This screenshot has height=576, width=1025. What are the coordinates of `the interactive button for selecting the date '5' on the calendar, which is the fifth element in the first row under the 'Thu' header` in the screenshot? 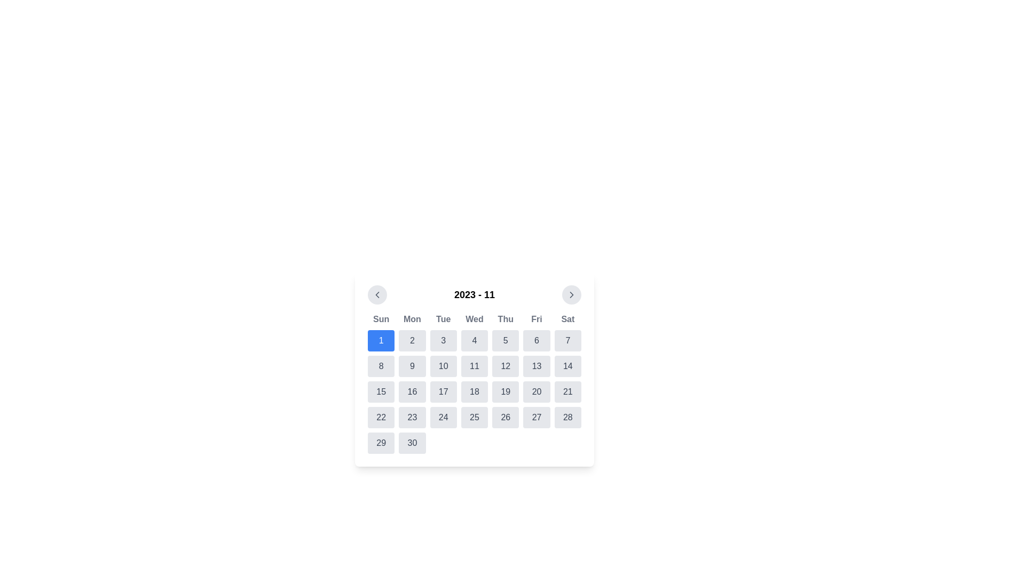 It's located at (505, 341).